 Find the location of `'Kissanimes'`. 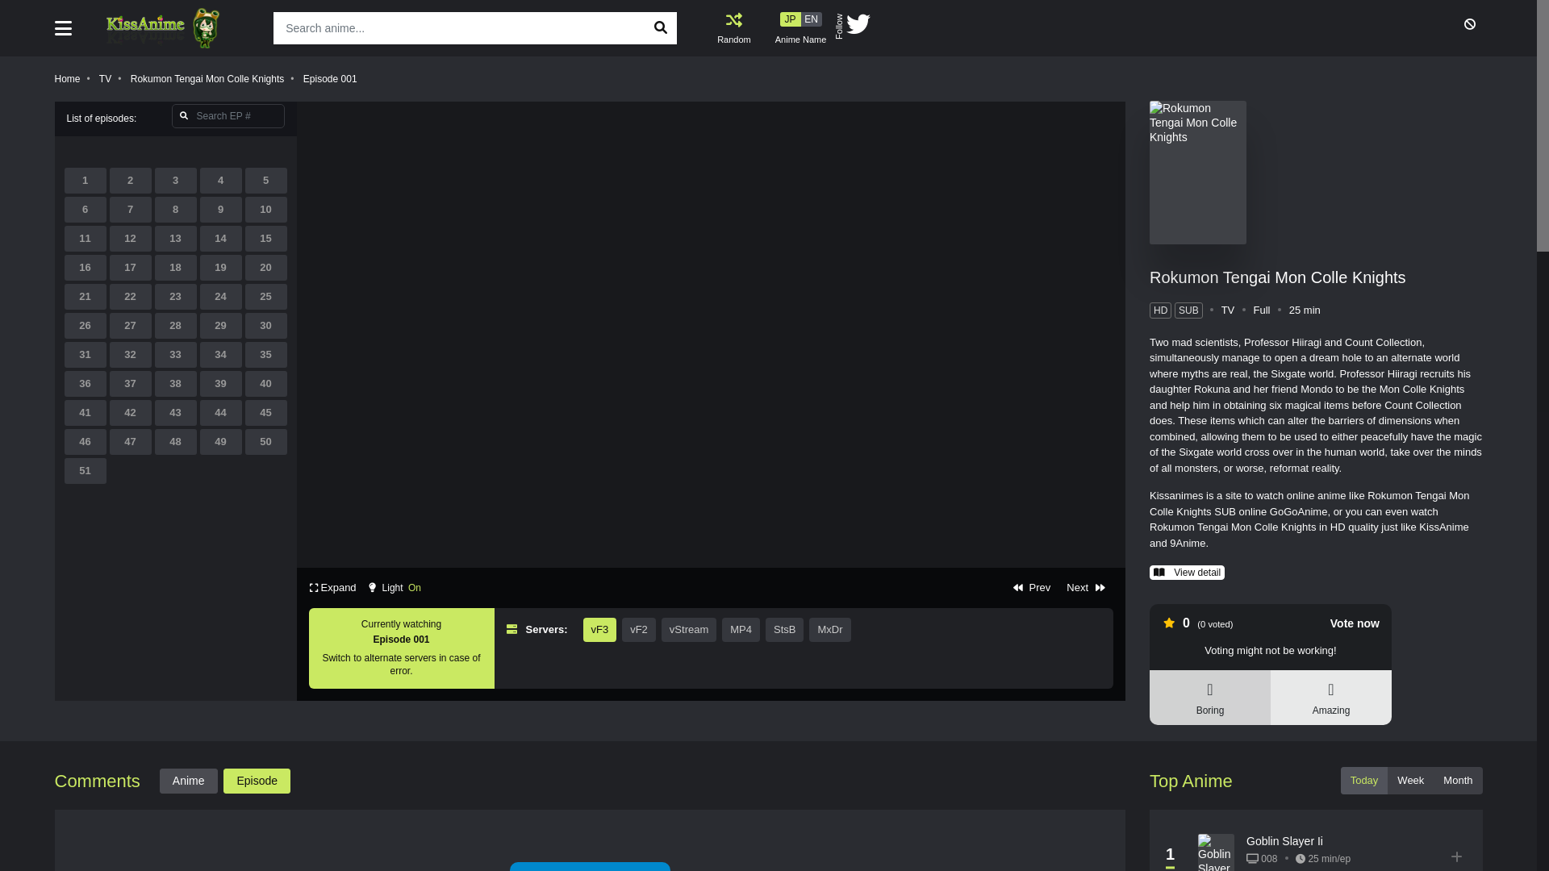

'Kissanimes' is located at coordinates (174, 27).